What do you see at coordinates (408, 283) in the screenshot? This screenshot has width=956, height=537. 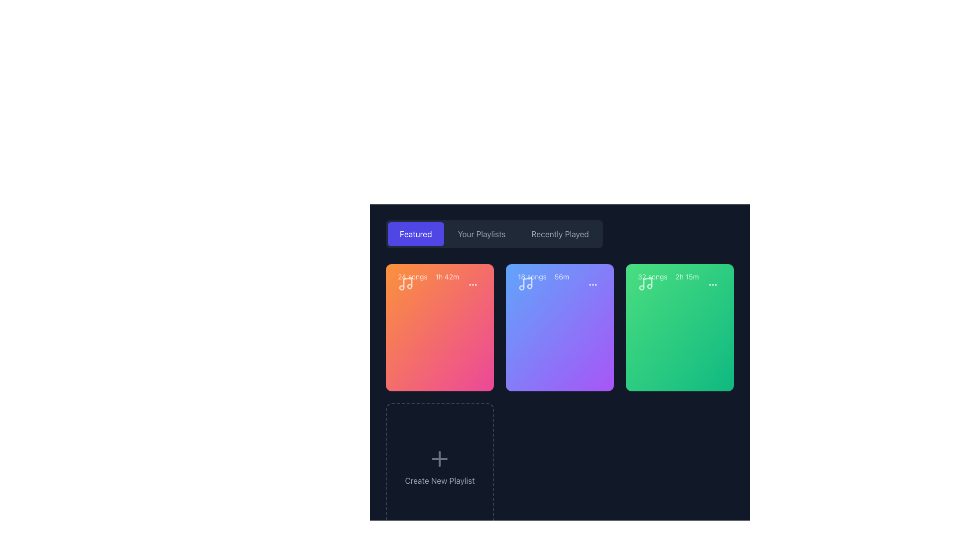 I see `the central vertical line of the music icon, which resembles the stem of a musical note, located at the top-left corner of the orange card in the grid of playlist cards` at bounding box center [408, 283].